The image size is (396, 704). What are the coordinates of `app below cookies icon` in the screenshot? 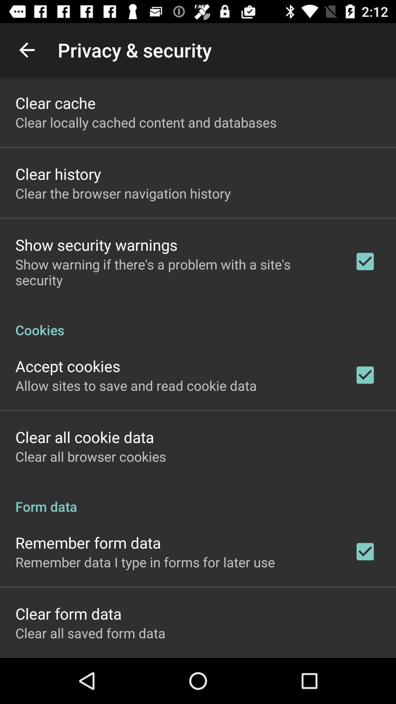 It's located at (68, 366).